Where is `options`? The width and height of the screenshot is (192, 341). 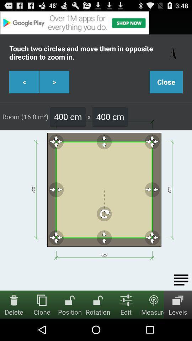
options is located at coordinates (181, 280).